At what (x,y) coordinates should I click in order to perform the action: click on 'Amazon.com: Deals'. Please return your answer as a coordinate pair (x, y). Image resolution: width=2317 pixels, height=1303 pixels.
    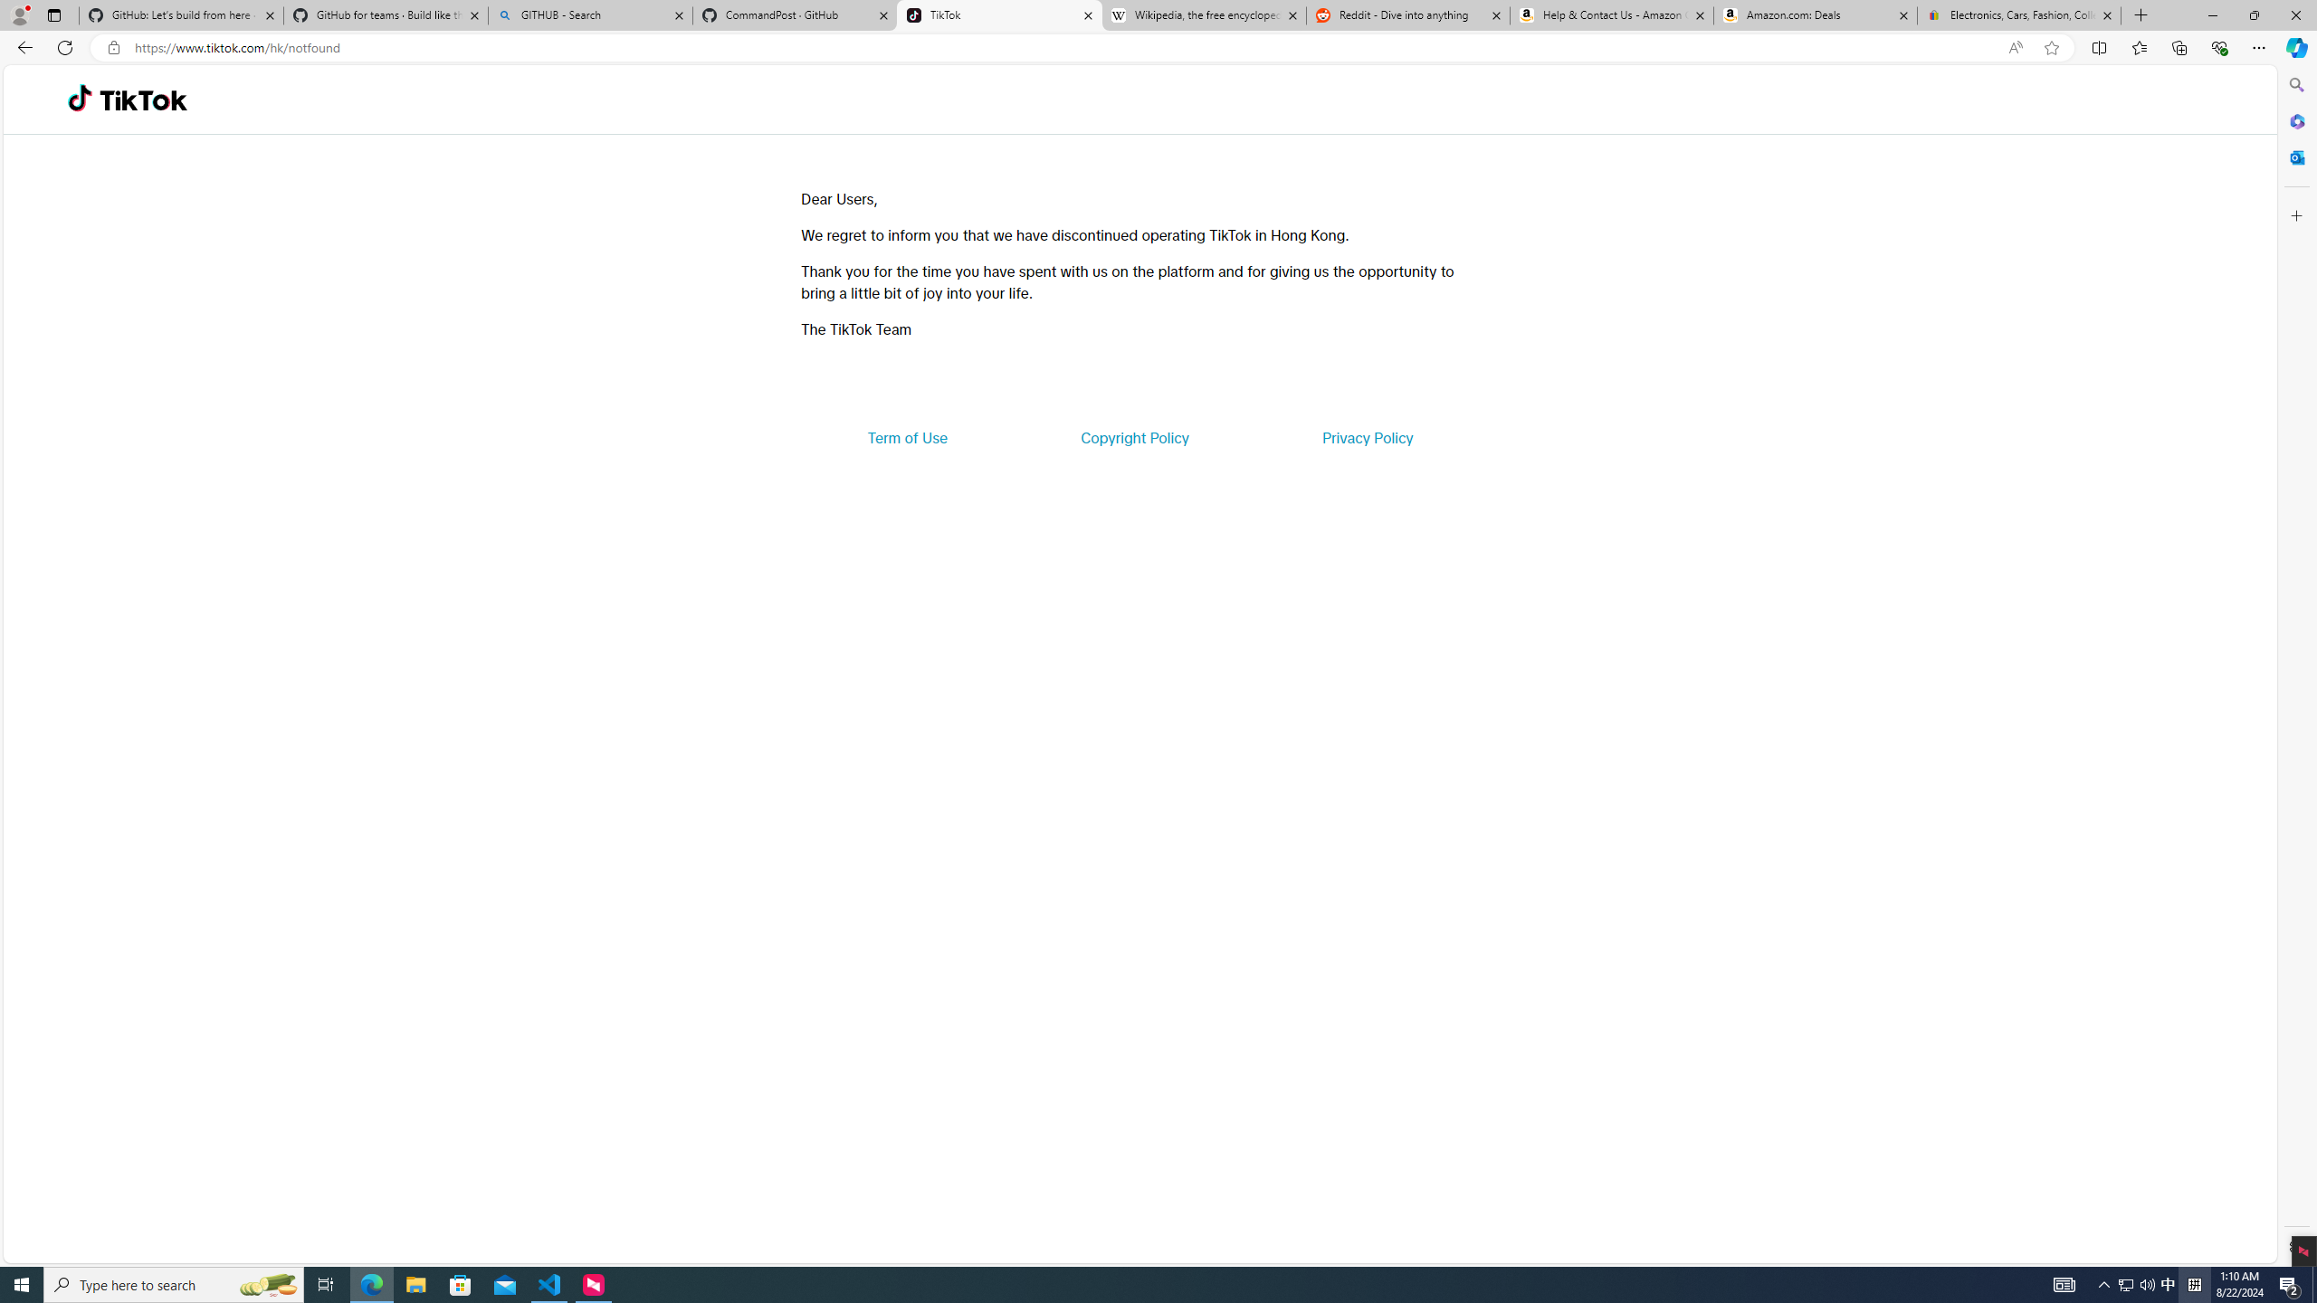
    Looking at the image, I should click on (1815, 14).